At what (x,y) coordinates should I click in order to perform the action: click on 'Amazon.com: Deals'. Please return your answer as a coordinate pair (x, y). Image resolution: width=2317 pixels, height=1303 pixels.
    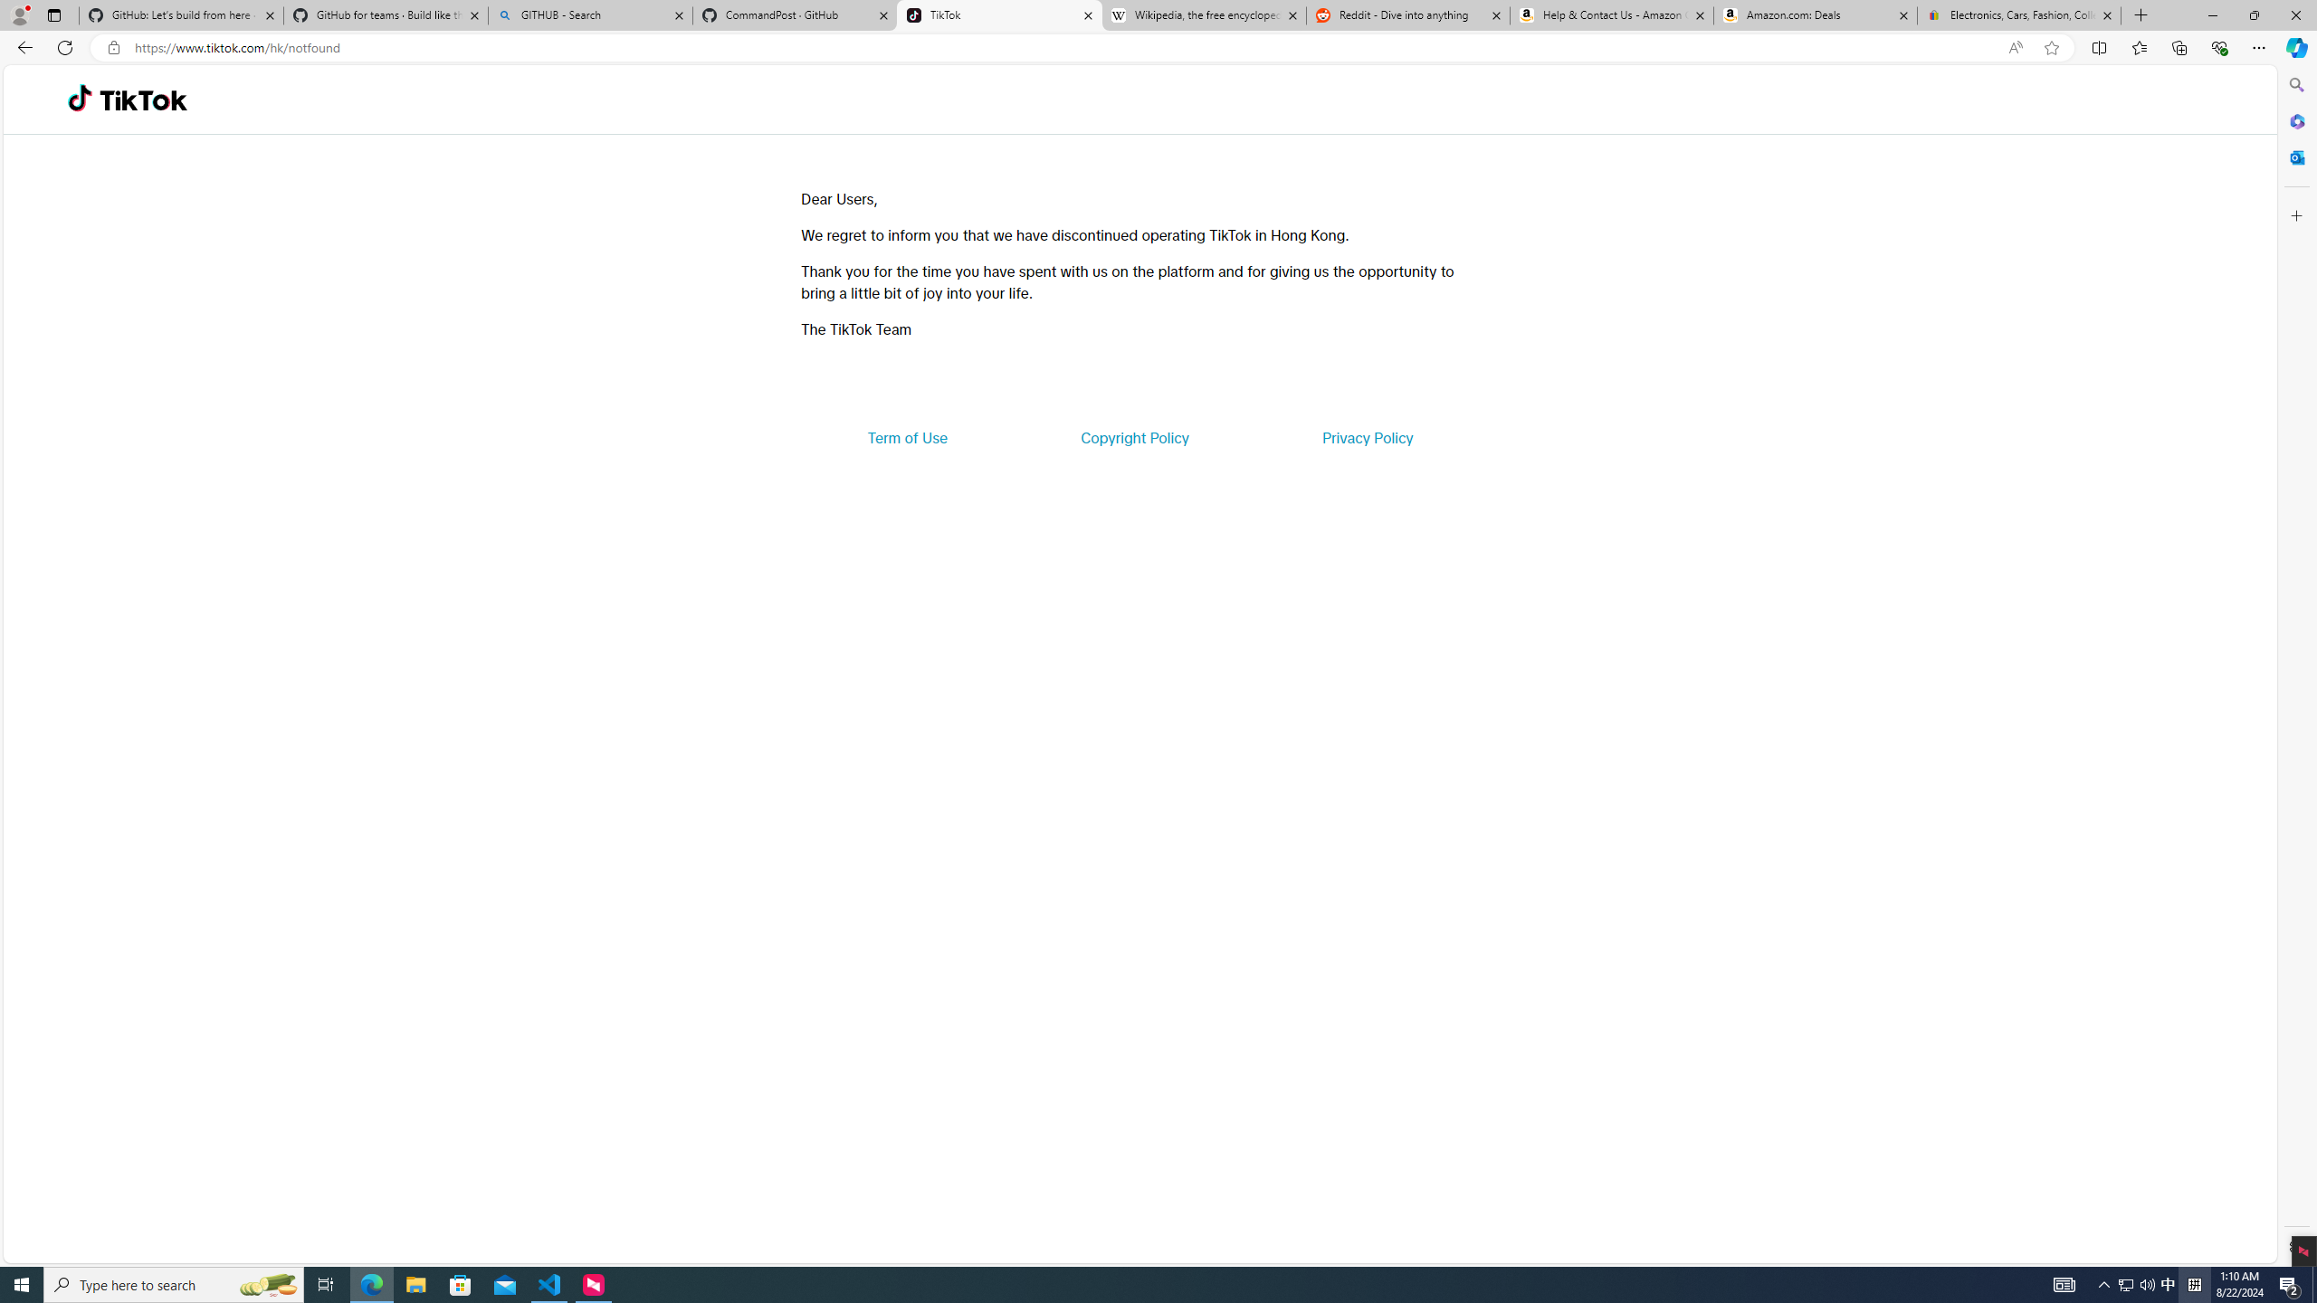
    Looking at the image, I should click on (1815, 14).